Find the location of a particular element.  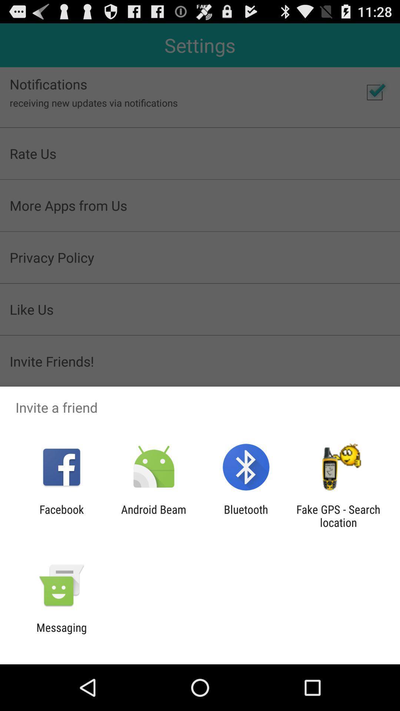

icon next to the bluetooth app is located at coordinates (338, 515).